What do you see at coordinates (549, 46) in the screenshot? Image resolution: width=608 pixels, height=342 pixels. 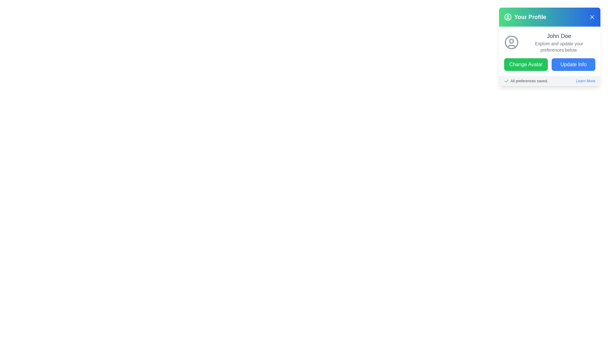 I see `the informational text displaying the user's name 'John Doe' and the message 'Explore and update your preferences below' located in the 'Your Profile' panel` at bounding box center [549, 46].